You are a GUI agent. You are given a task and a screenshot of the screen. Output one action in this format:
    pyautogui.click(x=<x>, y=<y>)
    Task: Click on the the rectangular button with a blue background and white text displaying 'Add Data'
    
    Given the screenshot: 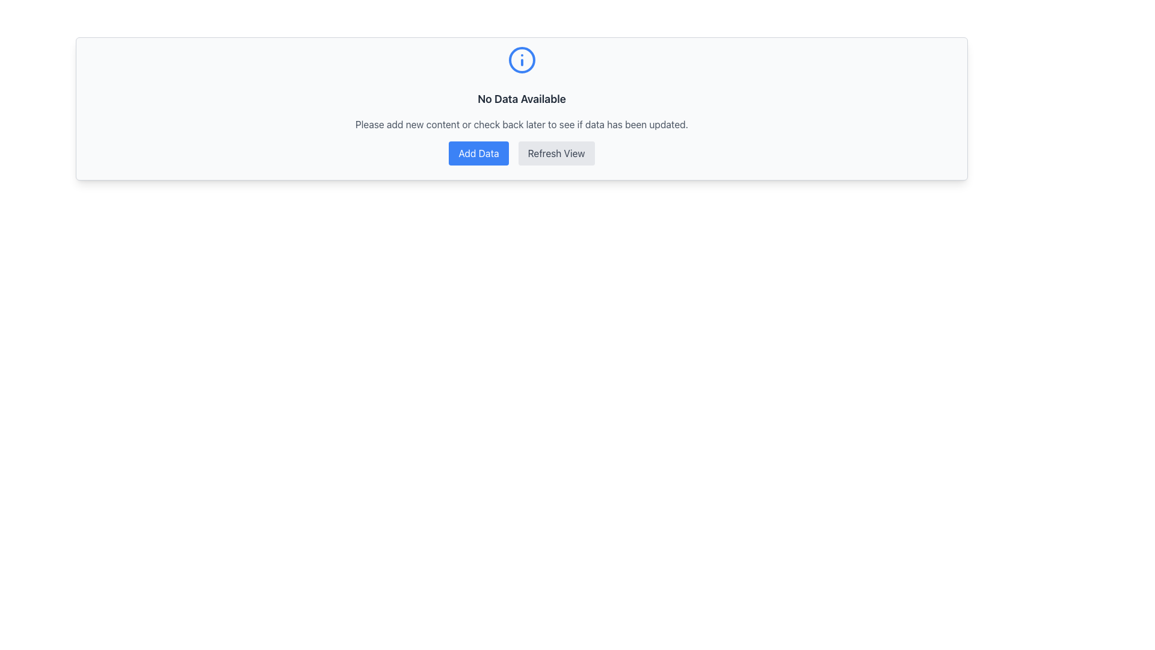 What is the action you would take?
    pyautogui.click(x=478, y=152)
    